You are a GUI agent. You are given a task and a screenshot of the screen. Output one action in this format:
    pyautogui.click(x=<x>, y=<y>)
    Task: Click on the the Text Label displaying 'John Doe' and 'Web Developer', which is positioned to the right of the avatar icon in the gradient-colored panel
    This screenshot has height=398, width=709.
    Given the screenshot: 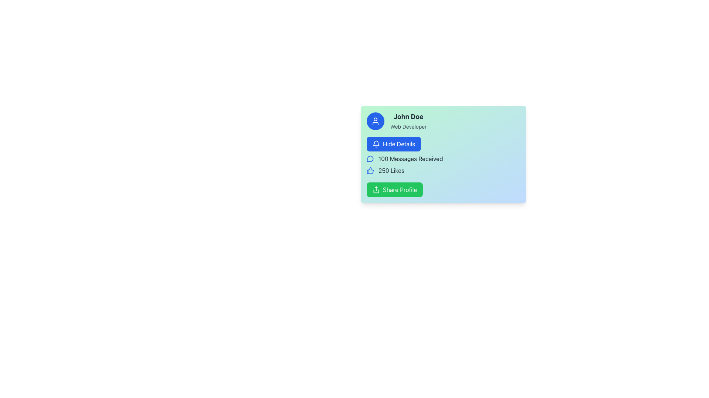 What is the action you would take?
    pyautogui.click(x=408, y=121)
    